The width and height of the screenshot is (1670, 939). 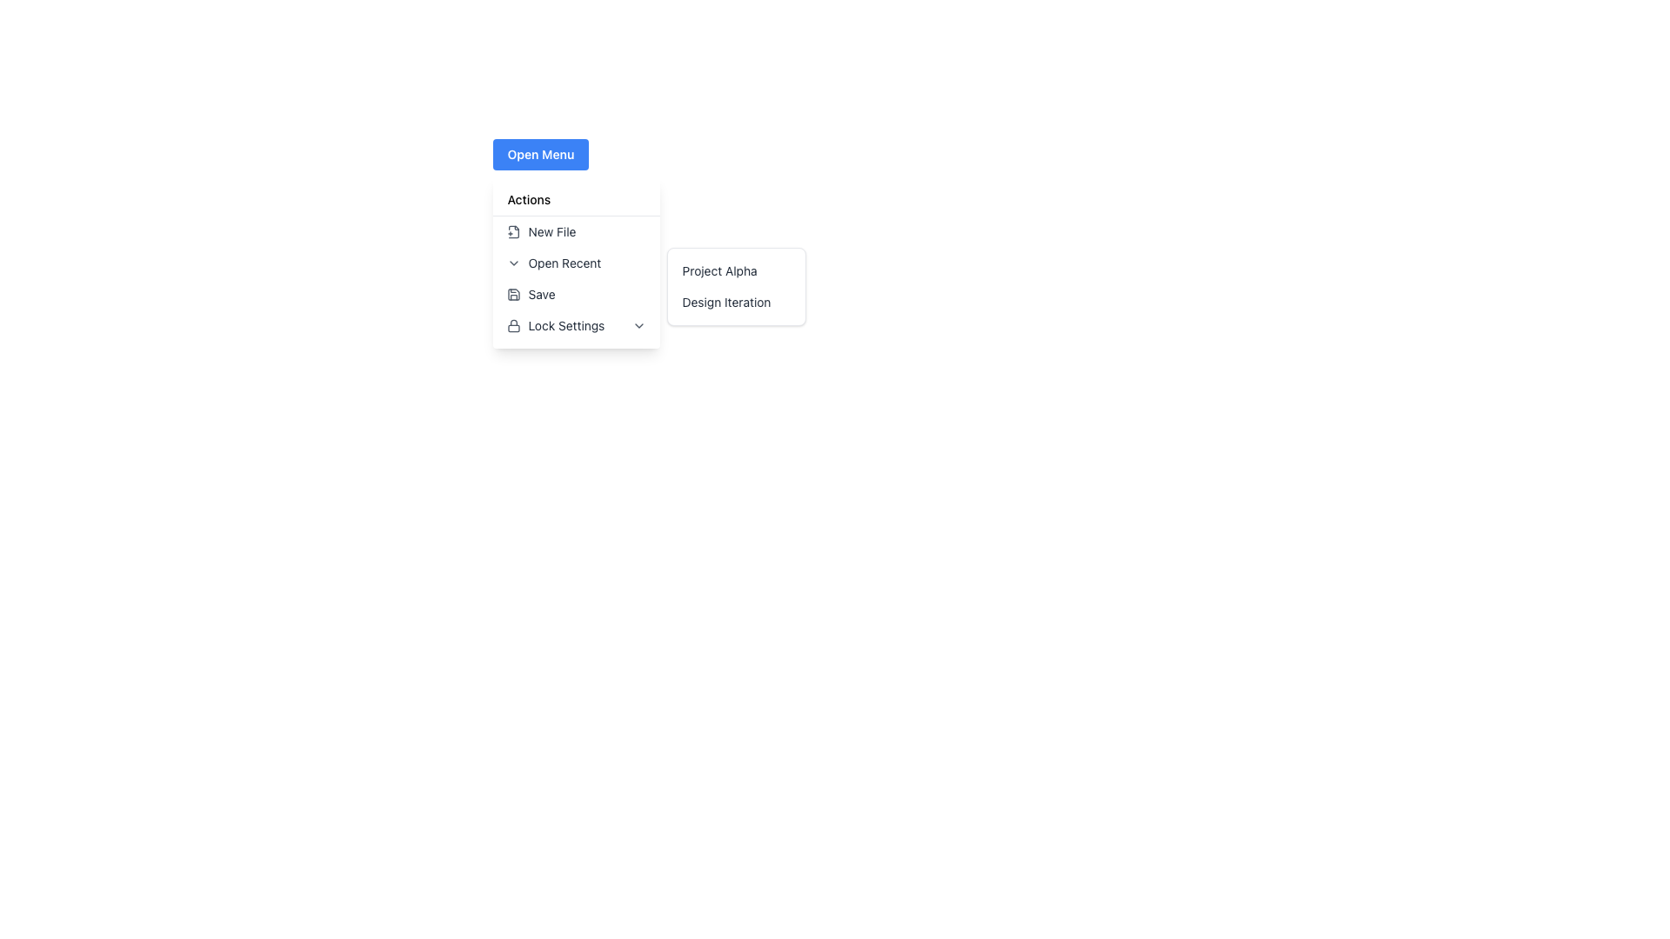 I want to click on the 'Lock Settings' menu item, which features a lock icon on the left and a downward-facing chevron on the right, so click(x=577, y=325).